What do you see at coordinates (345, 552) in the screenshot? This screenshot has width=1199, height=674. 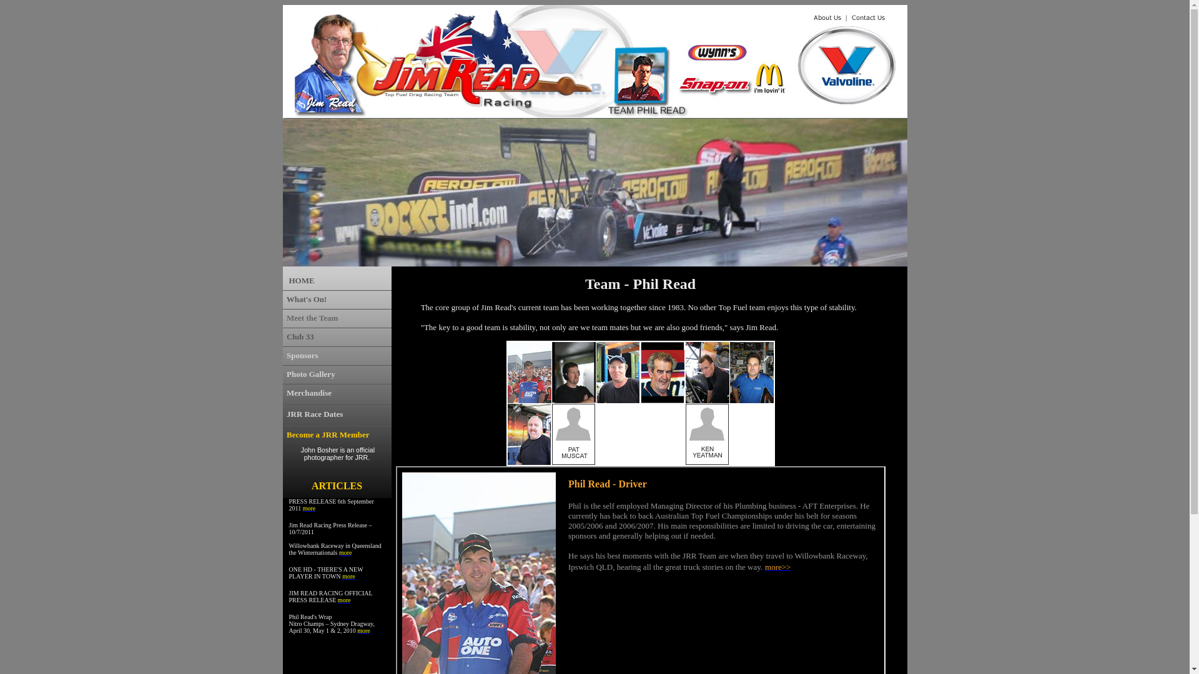 I see `'more'` at bounding box center [345, 552].